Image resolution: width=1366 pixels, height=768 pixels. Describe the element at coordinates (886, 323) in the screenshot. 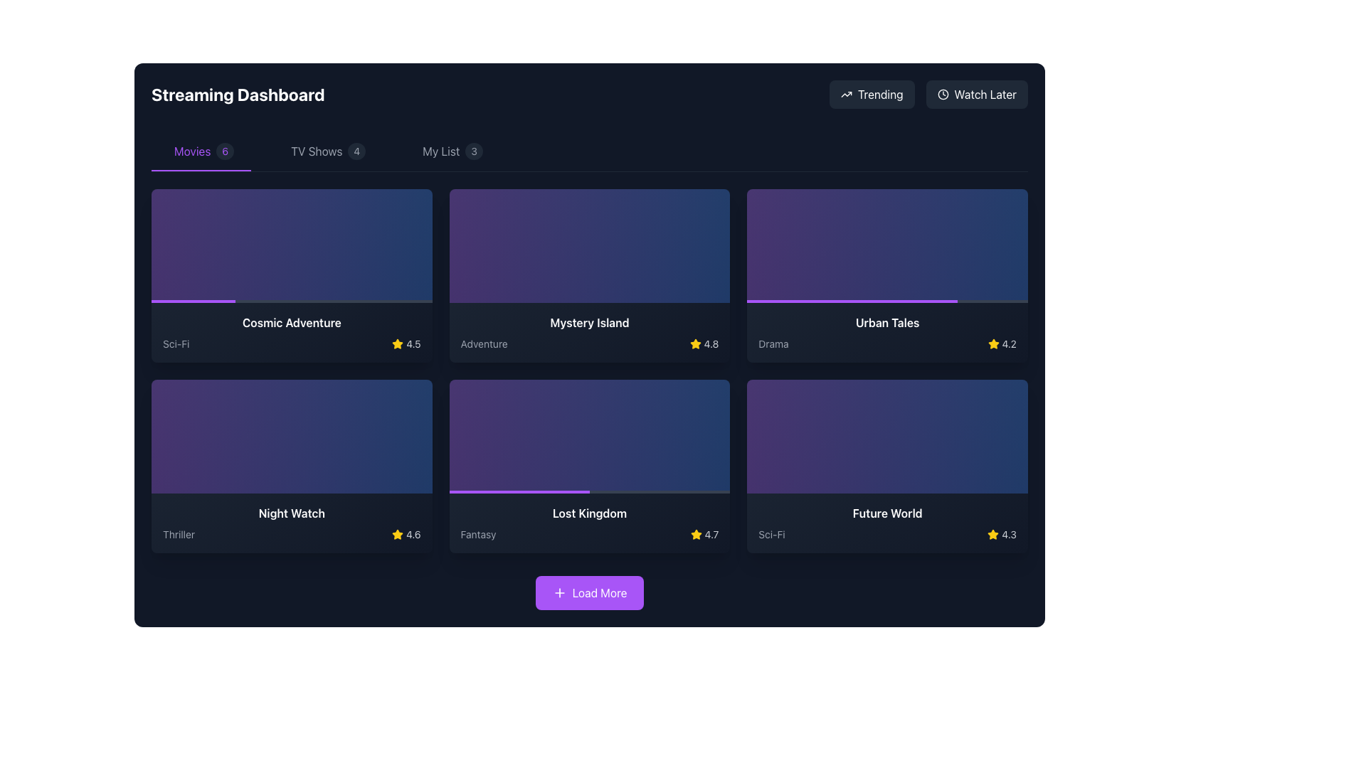

I see `the title label for the media content located in the top-right section of the Drama component, which indicates its name` at that location.